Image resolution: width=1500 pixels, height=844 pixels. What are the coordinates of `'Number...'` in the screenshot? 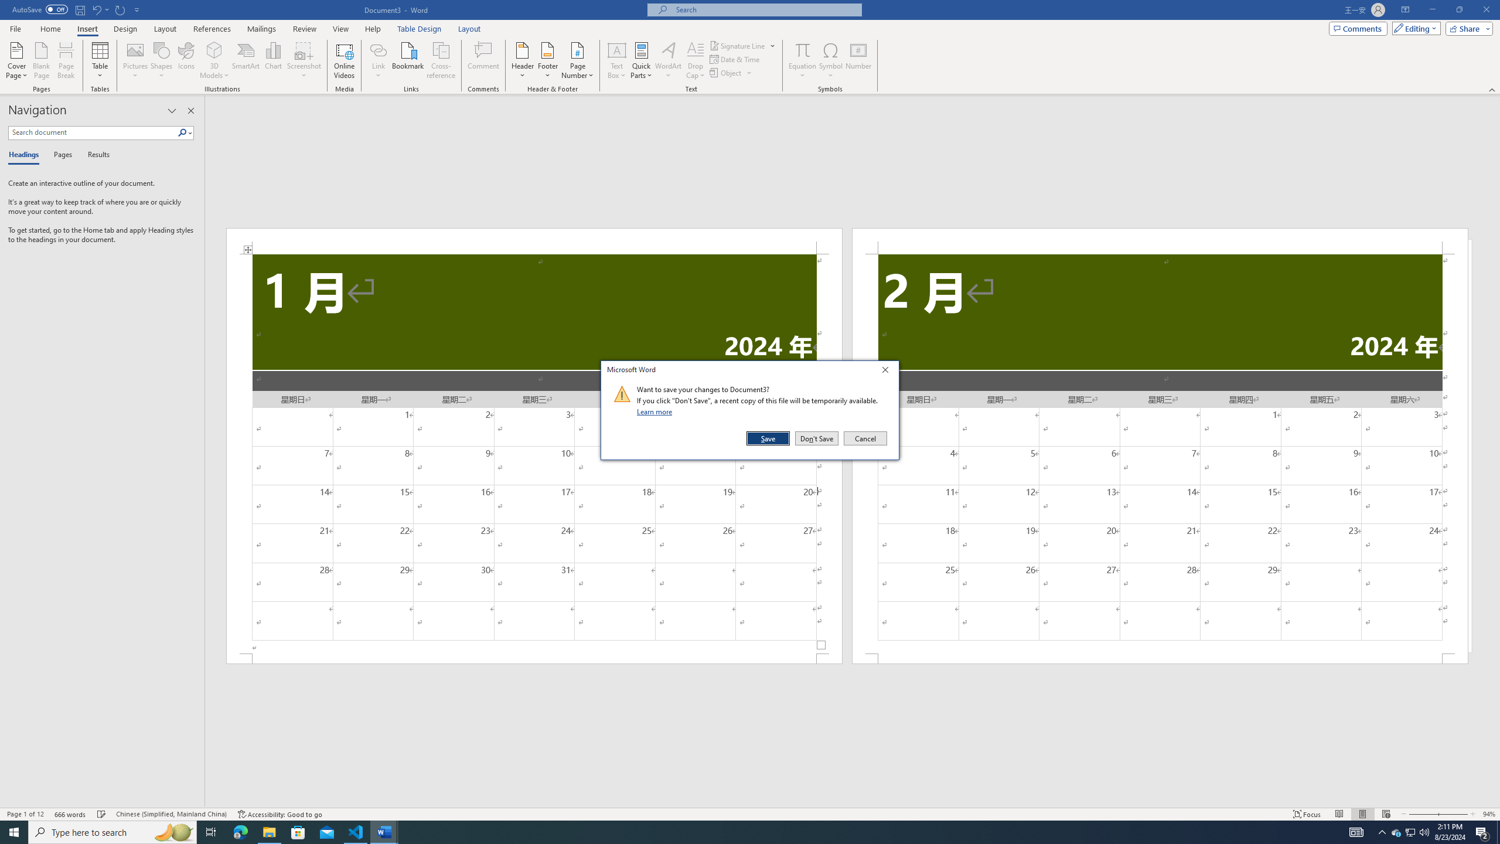 It's located at (858, 60).